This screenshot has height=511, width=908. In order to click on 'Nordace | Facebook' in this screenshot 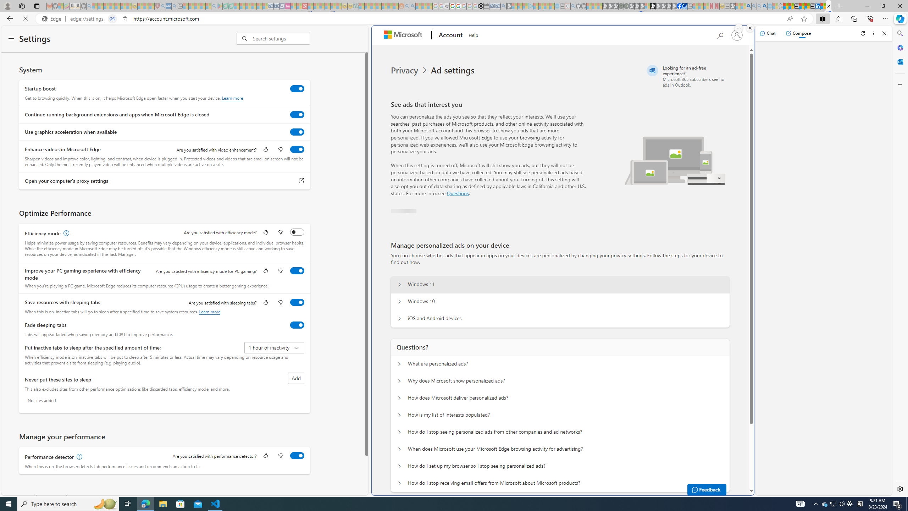, I will do `click(679, 6)`.